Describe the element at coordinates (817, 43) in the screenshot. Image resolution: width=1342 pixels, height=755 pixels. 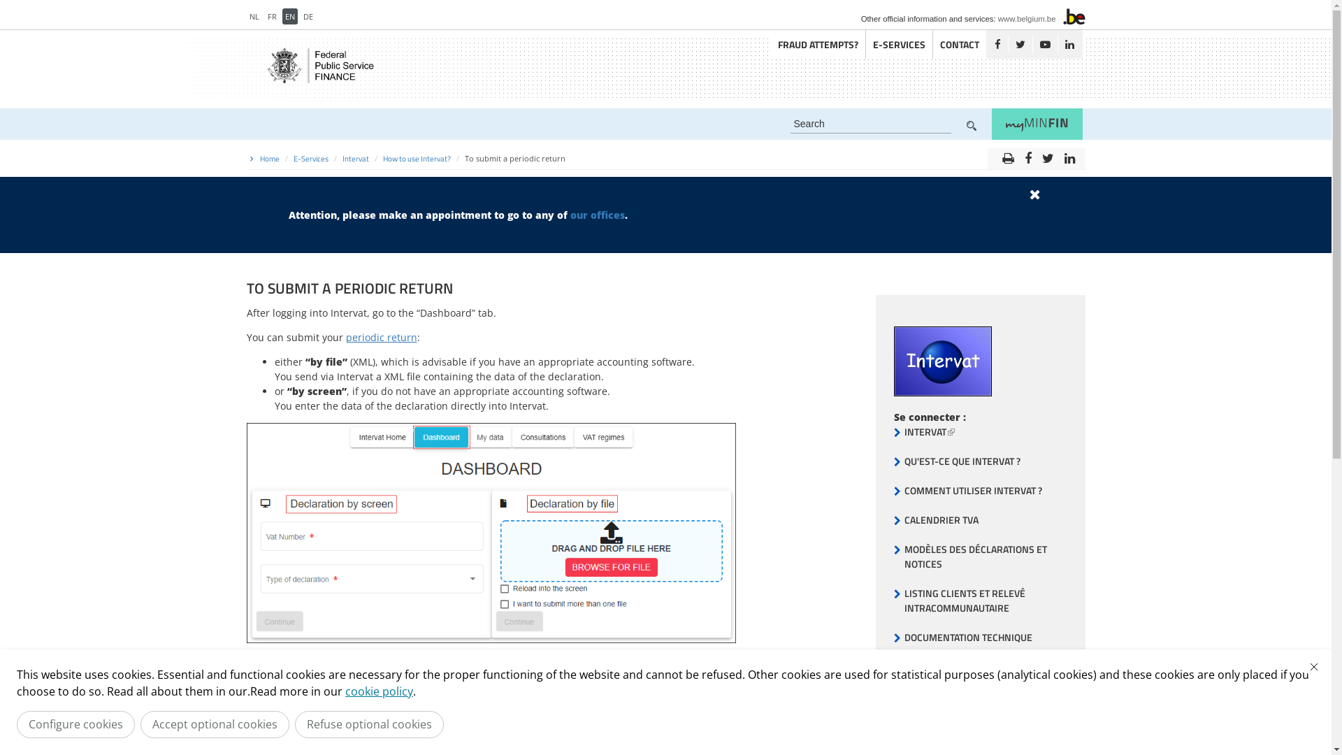
I see `'FRAUD ATTEMPTS?'` at that location.